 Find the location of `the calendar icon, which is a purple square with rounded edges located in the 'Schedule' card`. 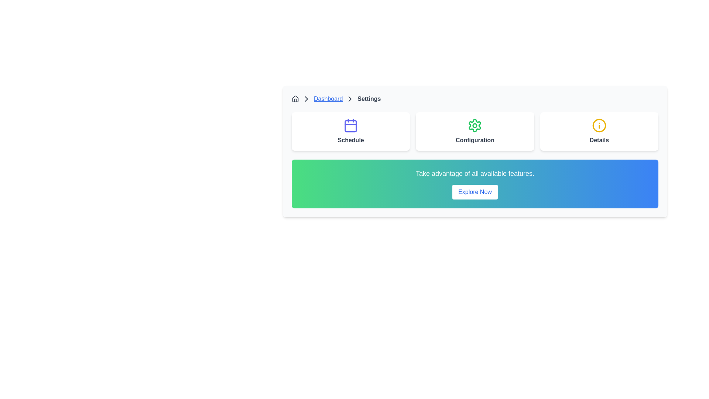

the calendar icon, which is a purple square with rounded edges located in the 'Schedule' card is located at coordinates (350, 125).